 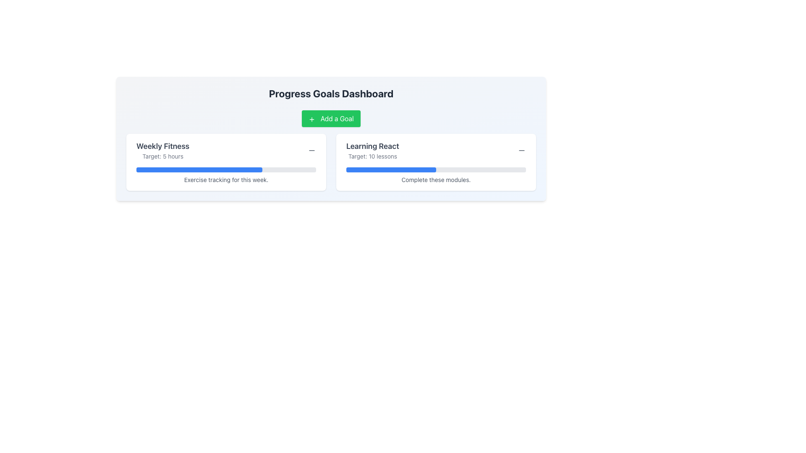 I want to click on 'Weekly Fitness' header text in the upper-left corner of the left card in the Progress Goals Dashboard to understand the card's purpose, so click(x=163, y=146).